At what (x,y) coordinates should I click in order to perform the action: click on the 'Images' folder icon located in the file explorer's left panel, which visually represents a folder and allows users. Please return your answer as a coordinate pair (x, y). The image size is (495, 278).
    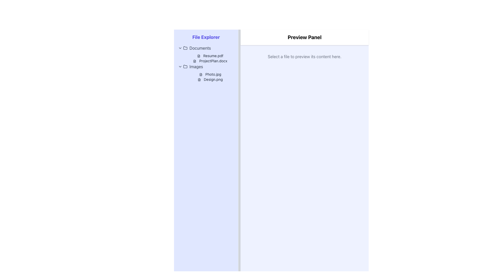
    Looking at the image, I should click on (185, 66).